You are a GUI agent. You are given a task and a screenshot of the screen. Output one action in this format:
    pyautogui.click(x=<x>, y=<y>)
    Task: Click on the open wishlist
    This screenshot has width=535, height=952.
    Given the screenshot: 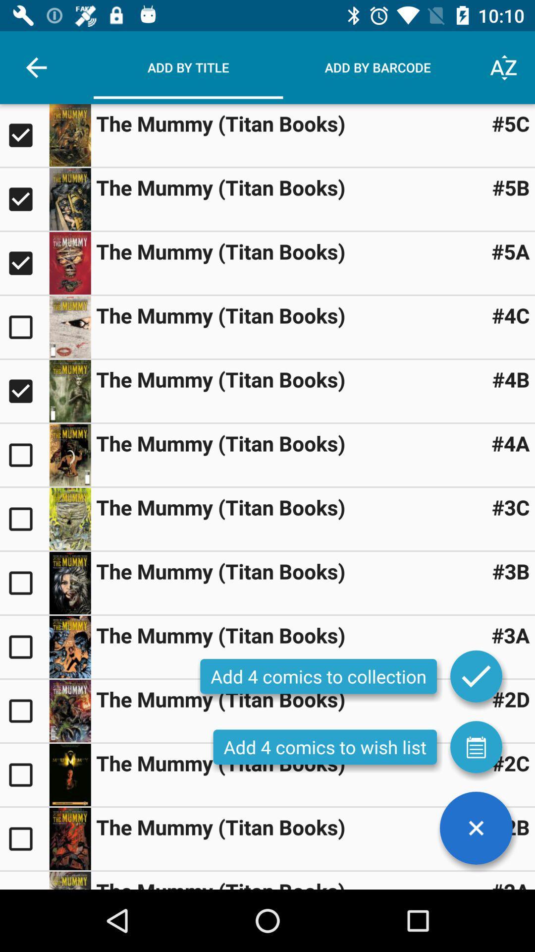 What is the action you would take?
    pyautogui.click(x=476, y=747)
    